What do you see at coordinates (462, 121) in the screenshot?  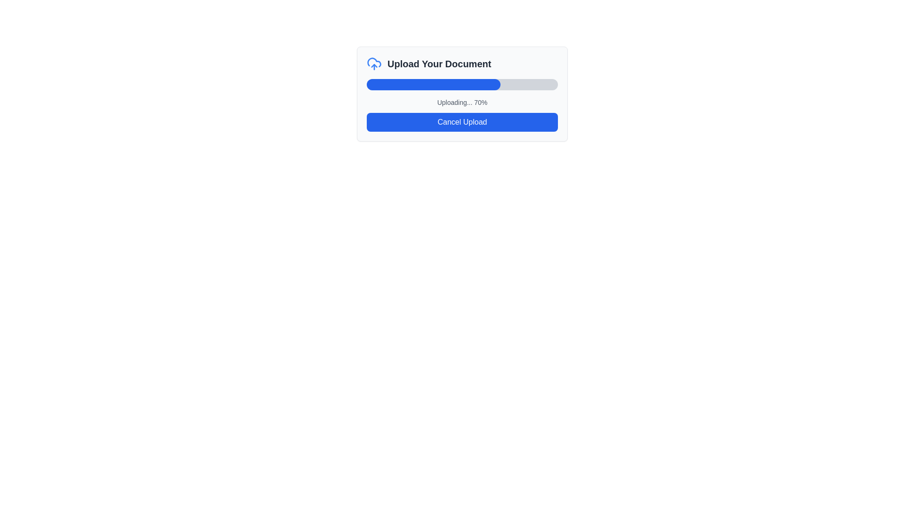 I see `the blue rectangular button with bold white text 'Cancel Upload' to change its color` at bounding box center [462, 121].